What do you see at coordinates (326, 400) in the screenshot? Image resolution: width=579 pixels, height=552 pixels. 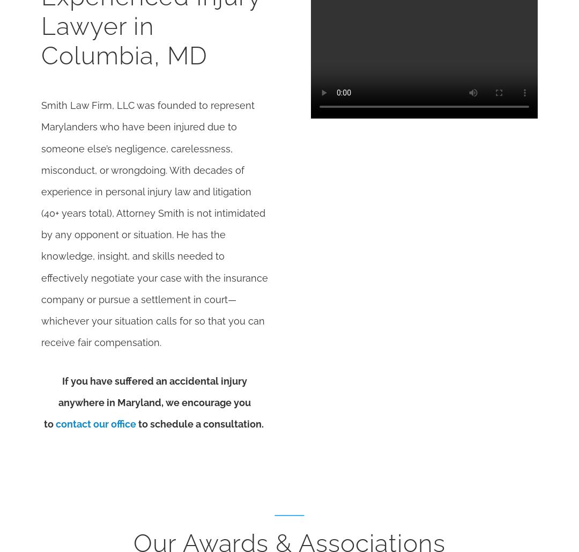 I see `'11/23/22'` at bounding box center [326, 400].